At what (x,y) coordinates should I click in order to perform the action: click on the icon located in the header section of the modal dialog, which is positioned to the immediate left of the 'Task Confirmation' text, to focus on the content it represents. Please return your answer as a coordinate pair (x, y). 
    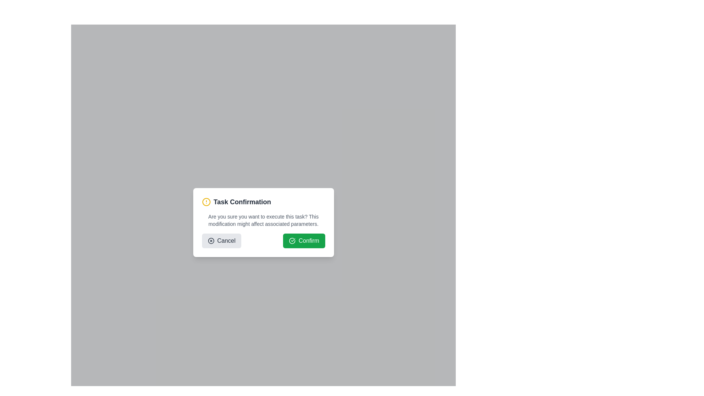
    Looking at the image, I should click on (206, 202).